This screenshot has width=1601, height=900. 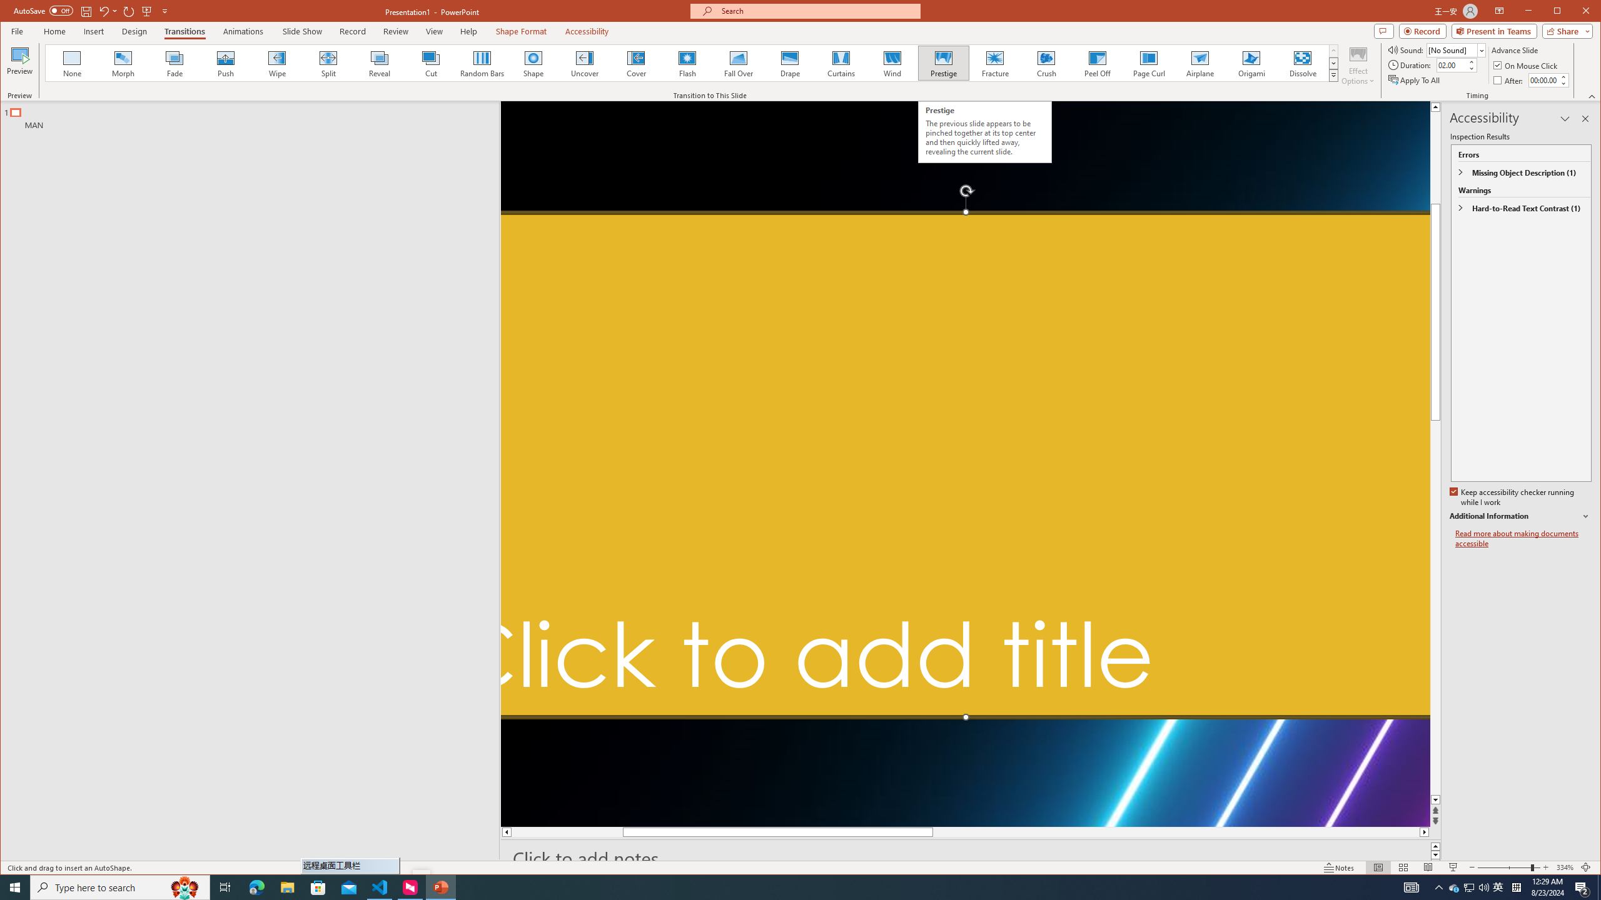 What do you see at coordinates (225, 62) in the screenshot?
I see `'Push'` at bounding box center [225, 62].